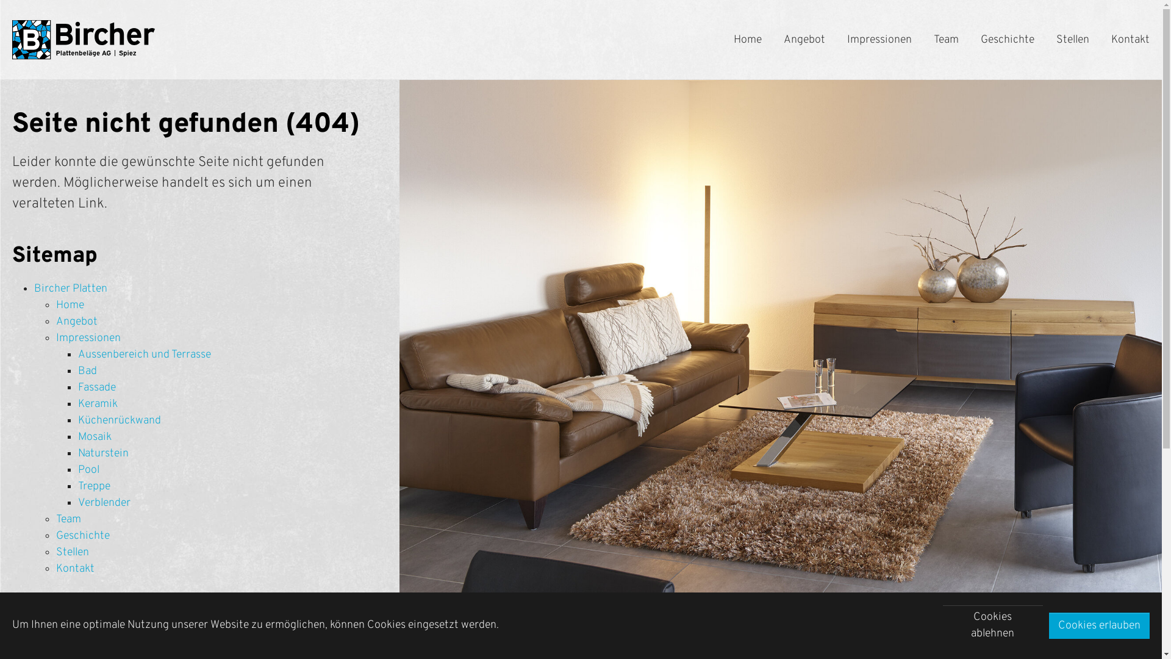 The image size is (1171, 659). I want to click on 'Aussenbereich und Terrasse', so click(144, 355).